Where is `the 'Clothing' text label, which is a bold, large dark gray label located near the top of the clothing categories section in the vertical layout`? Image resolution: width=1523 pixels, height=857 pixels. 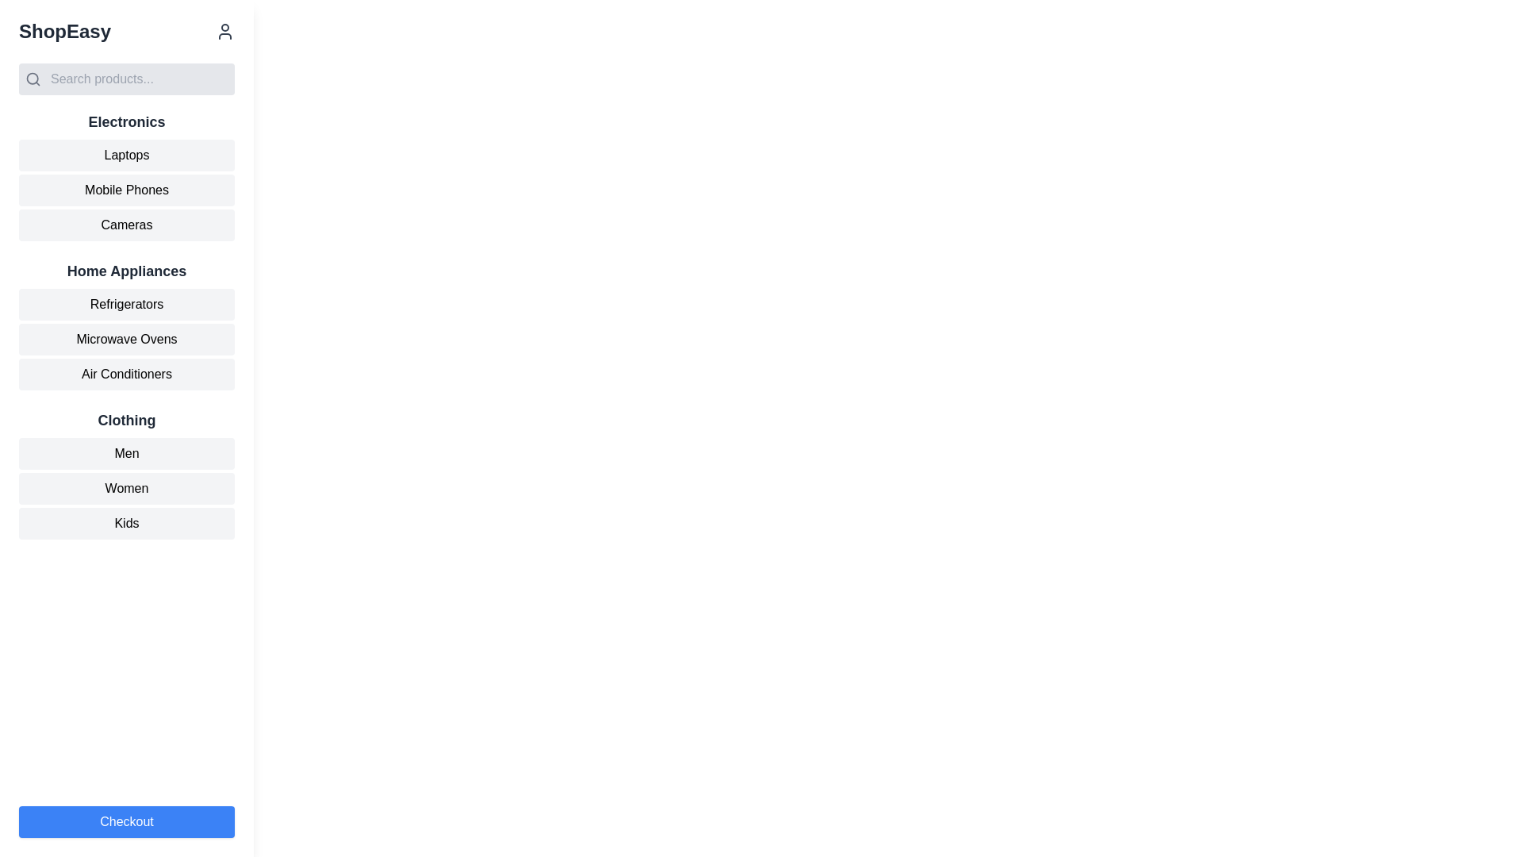
the 'Clothing' text label, which is a bold, large dark gray label located near the top of the clothing categories section in the vertical layout is located at coordinates (125, 419).